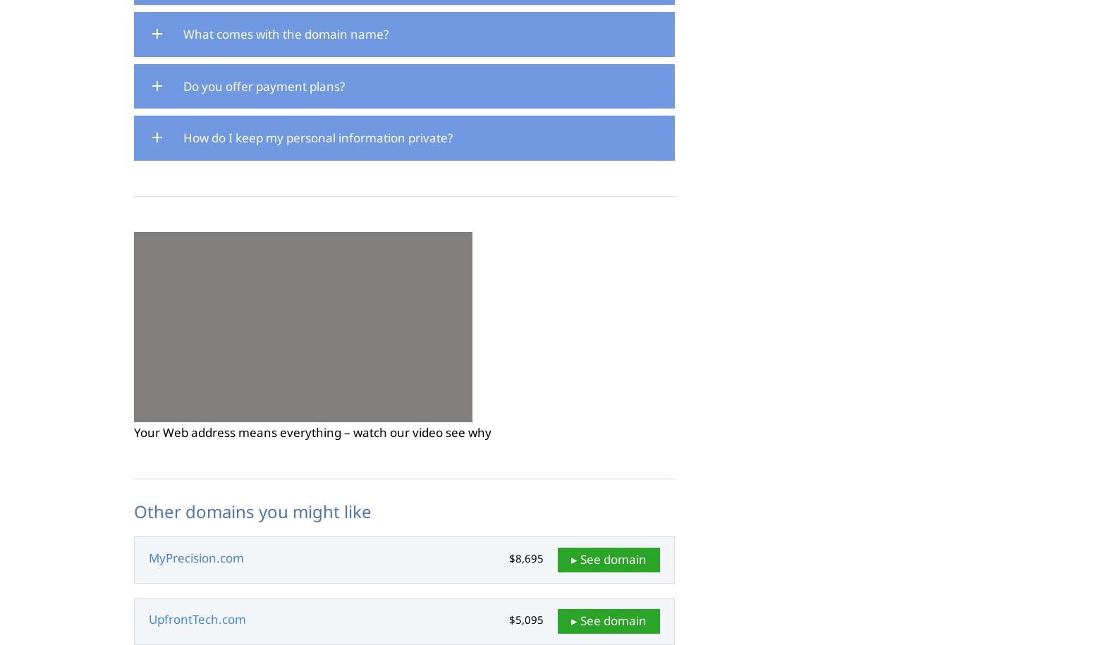 The image size is (1093, 645). What do you see at coordinates (526, 558) in the screenshot?
I see `'$8,695'` at bounding box center [526, 558].